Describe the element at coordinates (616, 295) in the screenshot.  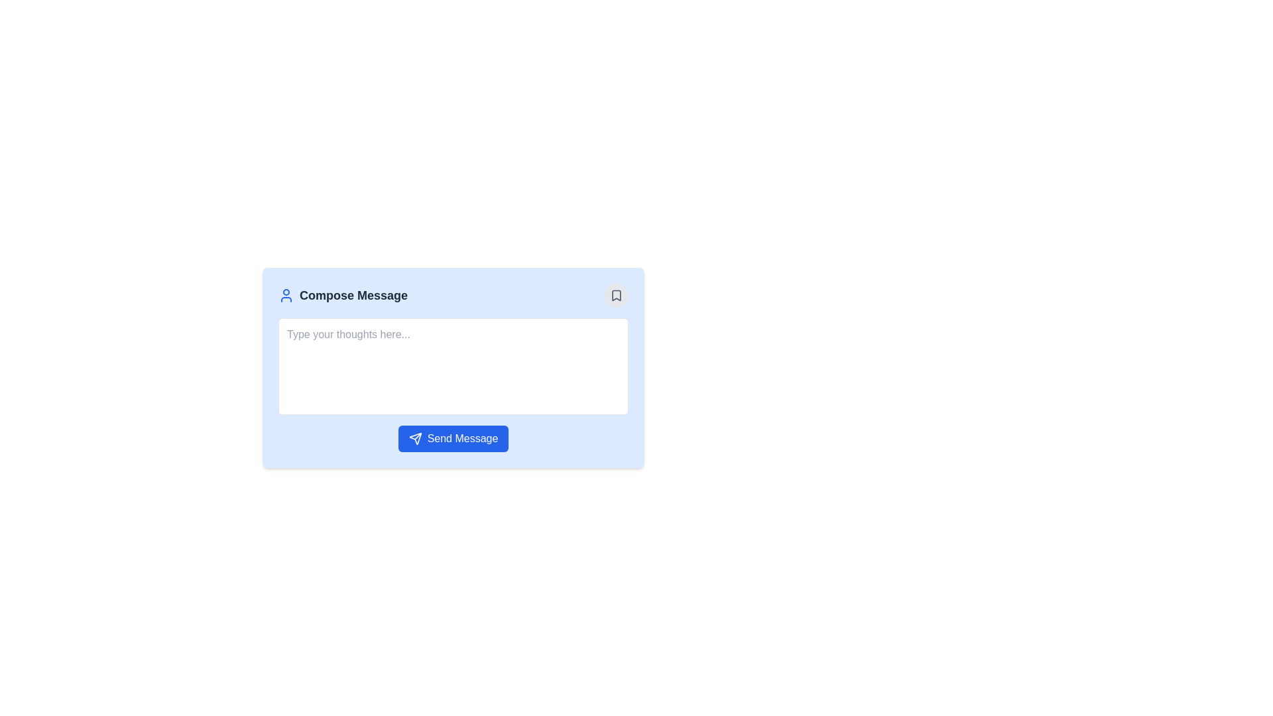
I see `the bookmark icon located at the upper-right corner of the 'Compose Message' card, which is part of a circular button with a subtle hover effect` at that location.